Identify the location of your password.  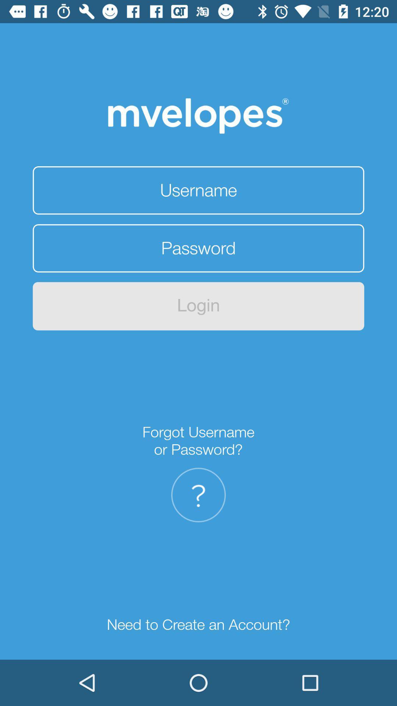
(198, 248).